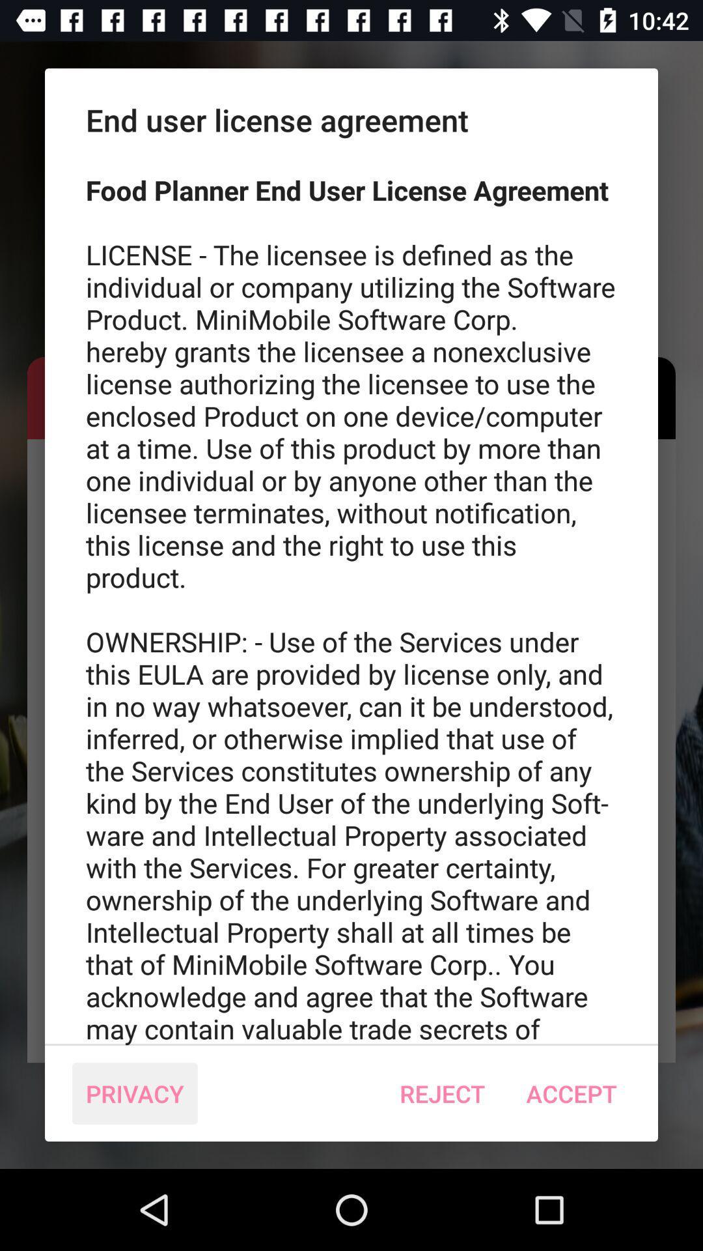 The image size is (703, 1251). I want to click on the icon to the left of reject, so click(135, 1093).